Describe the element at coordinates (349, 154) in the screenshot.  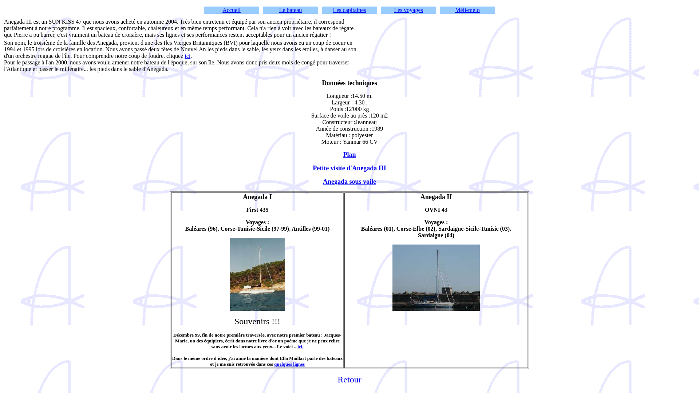
I see `'Plan'` at that location.